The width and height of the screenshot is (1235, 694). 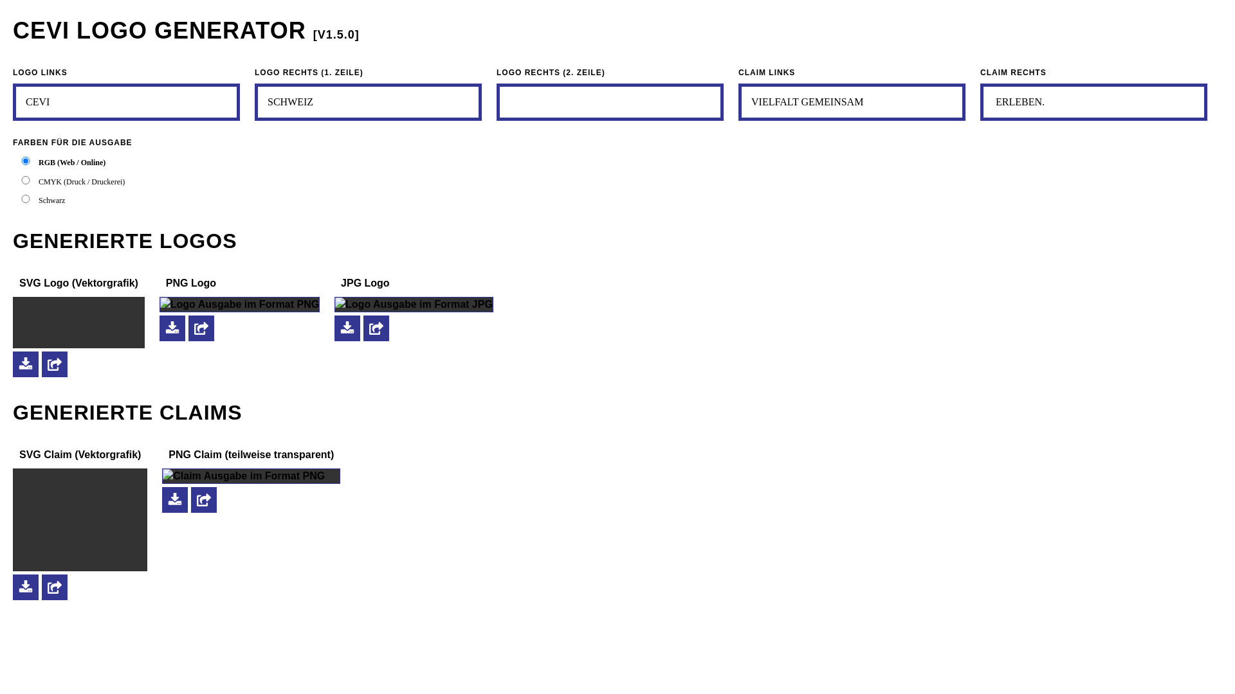 I want to click on 'Download PNG Claim', so click(x=161, y=499).